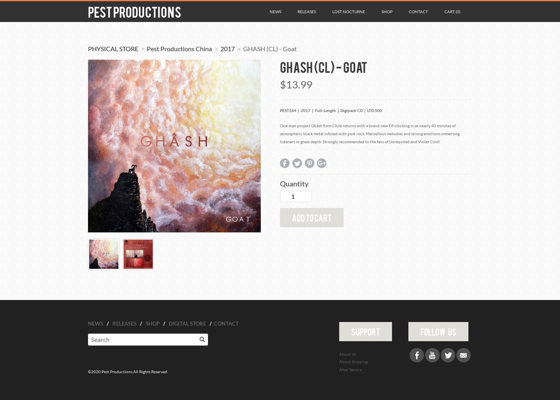  I want to click on 'About Us', so click(347, 354).